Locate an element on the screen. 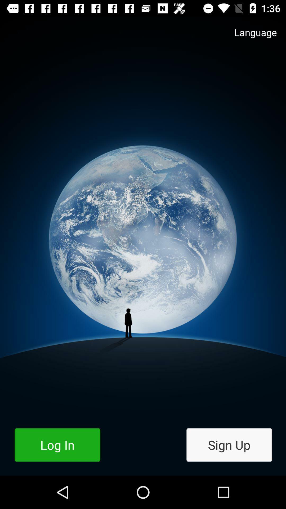 The image size is (286, 509). the button next to sign up button is located at coordinates (57, 445).